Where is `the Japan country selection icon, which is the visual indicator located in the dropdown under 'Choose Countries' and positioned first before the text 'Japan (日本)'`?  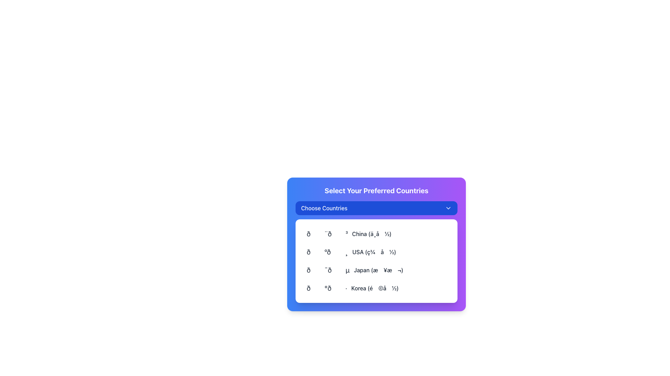
the Japan country selection icon, which is the visual indicator located in the dropdown under 'Choose Countries' and positioned first before the text 'Japan (日本)' is located at coordinates (328, 269).